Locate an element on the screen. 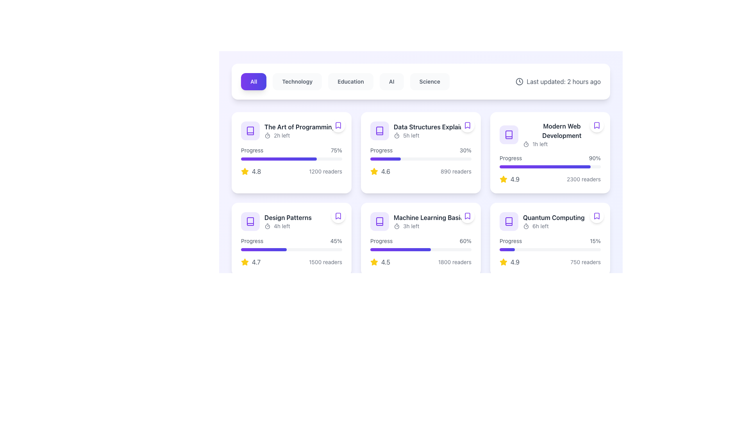 The image size is (750, 422). the violet book icon located in the top-left corner of the 'Quantum Computing' card in the bottom right of the interface grid is located at coordinates (509, 222).